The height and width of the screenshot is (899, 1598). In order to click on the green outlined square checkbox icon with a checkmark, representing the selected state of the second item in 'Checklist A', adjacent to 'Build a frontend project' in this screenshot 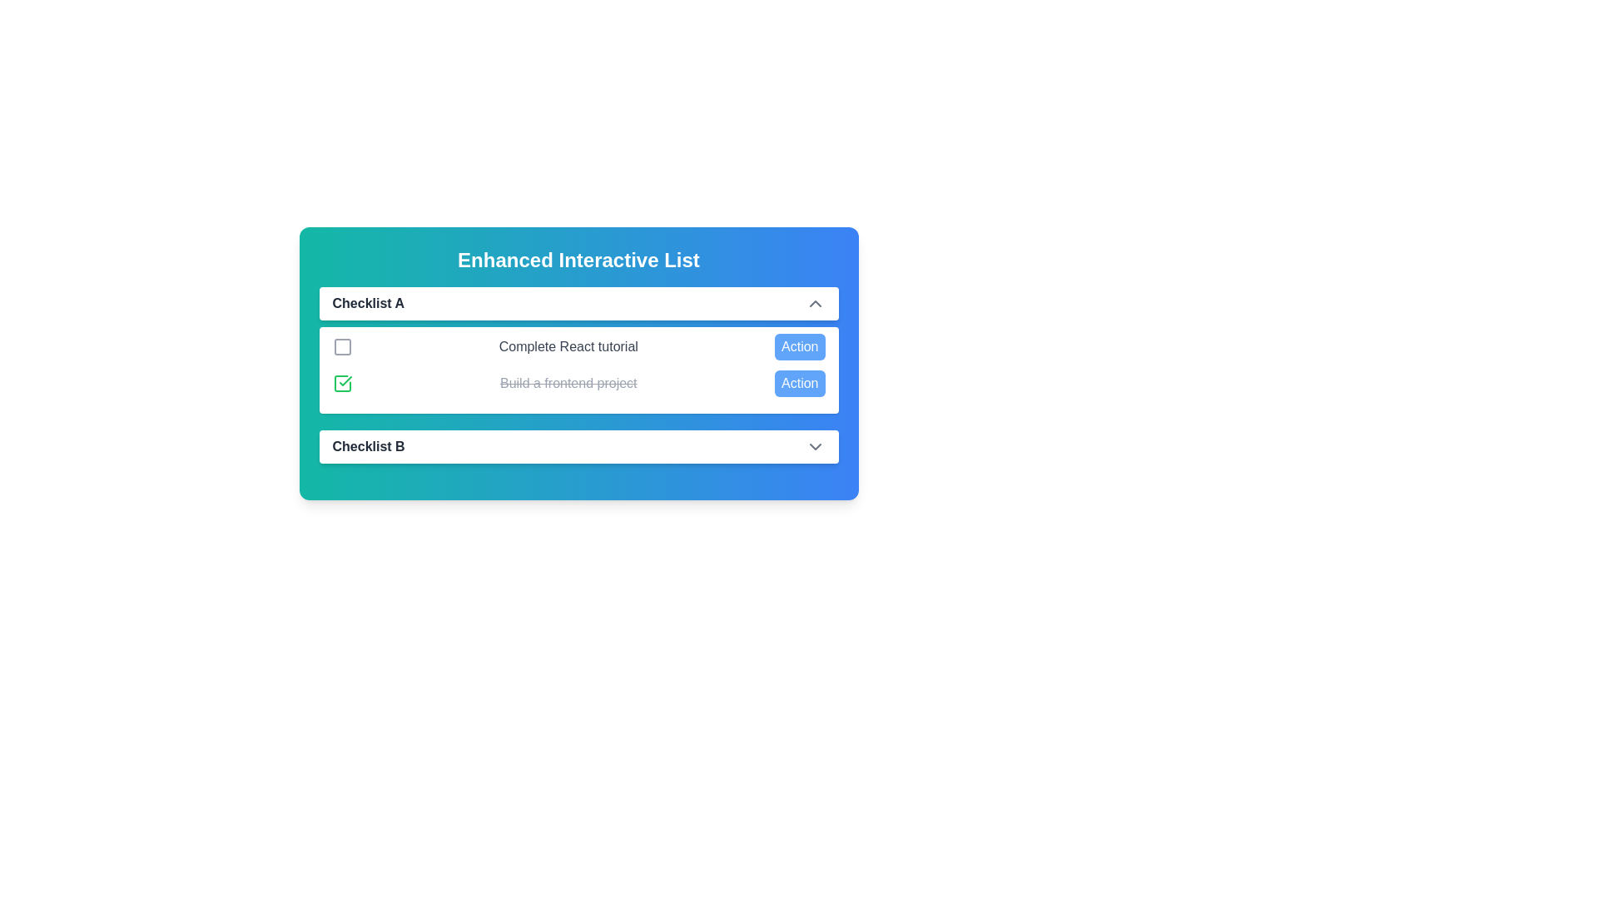, I will do `click(341, 384)`.